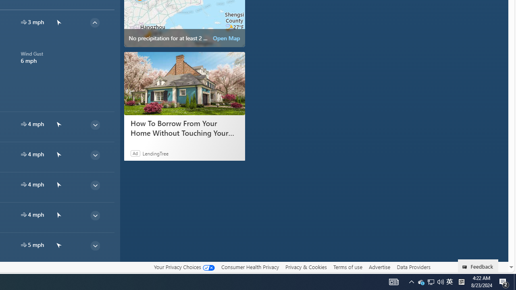  What do you see at coordinates (183, 267) in the screenshot?
I see `'Your Privacy Choices'` at bounding box center [183, 267].